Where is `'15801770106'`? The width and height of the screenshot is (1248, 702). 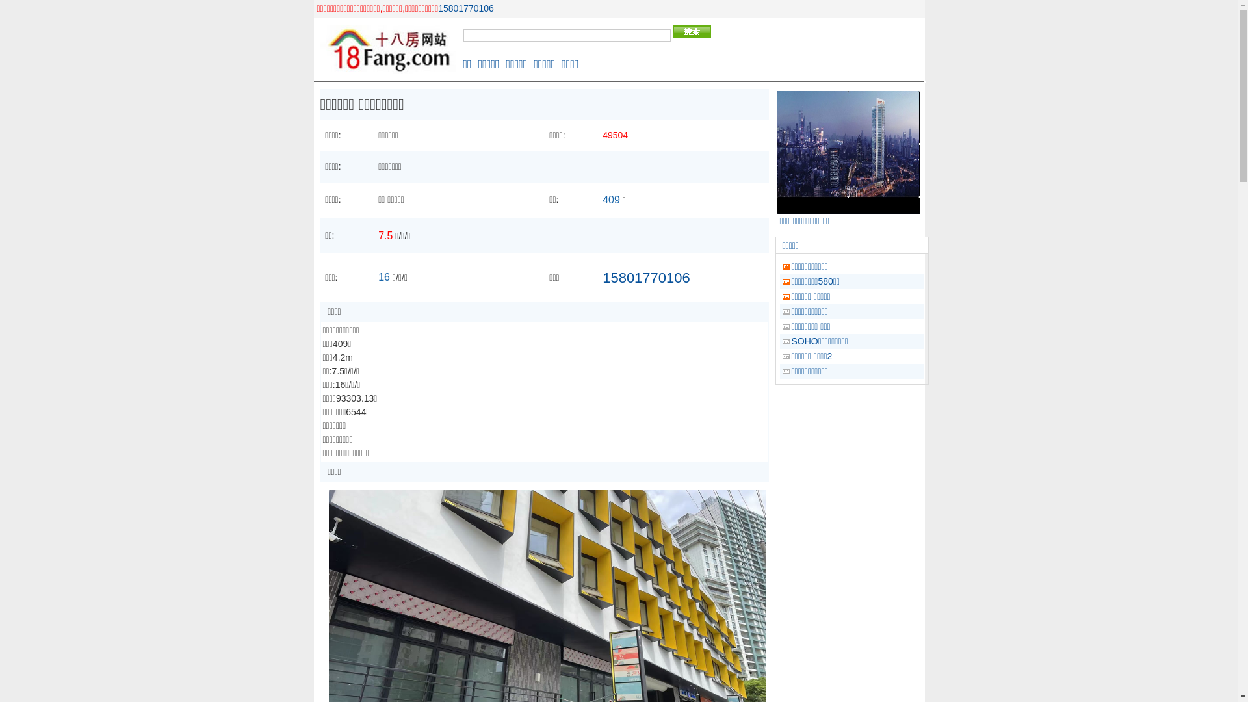 '15801770106' is located at coordinates (465, 8).